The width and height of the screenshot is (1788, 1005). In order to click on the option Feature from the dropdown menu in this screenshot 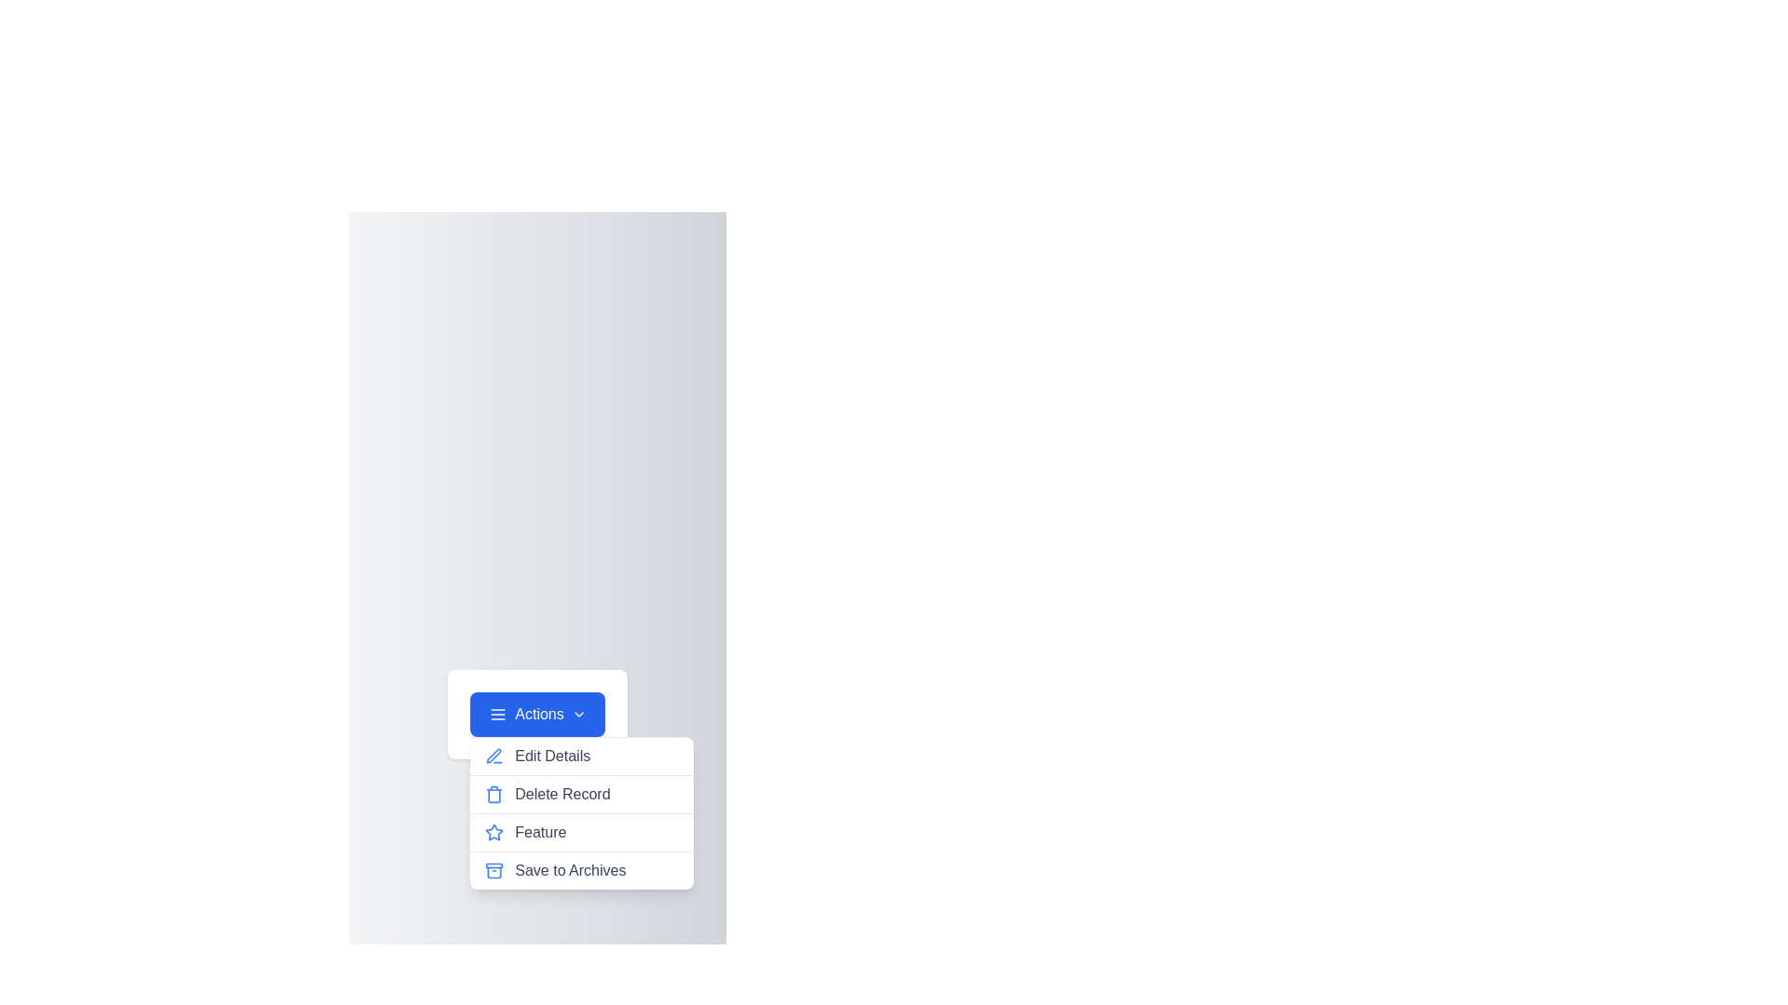, I will do `click(580, 832)`.